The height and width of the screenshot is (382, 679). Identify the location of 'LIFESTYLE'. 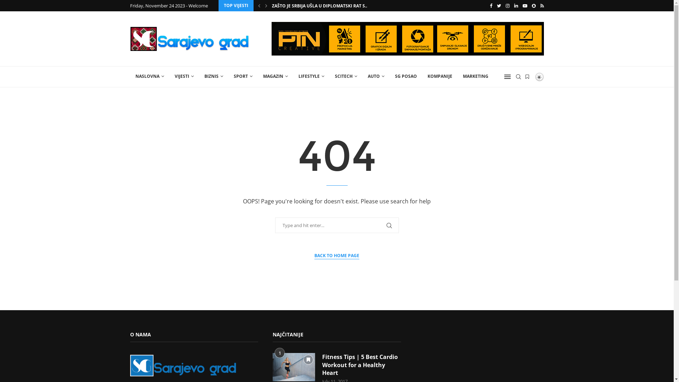
(311, 76).